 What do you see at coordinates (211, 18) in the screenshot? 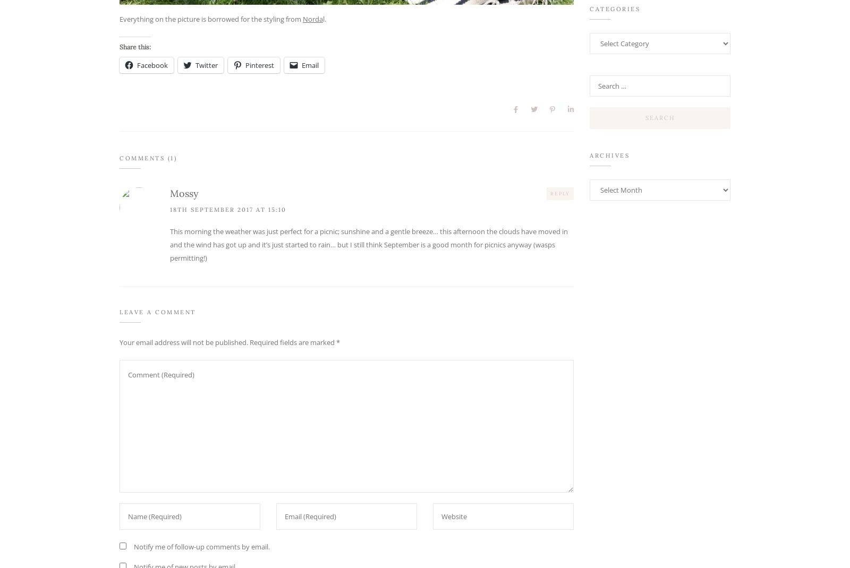
I see `'Everything on the picture is borrowed for the styling from'` at bounding box center [211, 18].